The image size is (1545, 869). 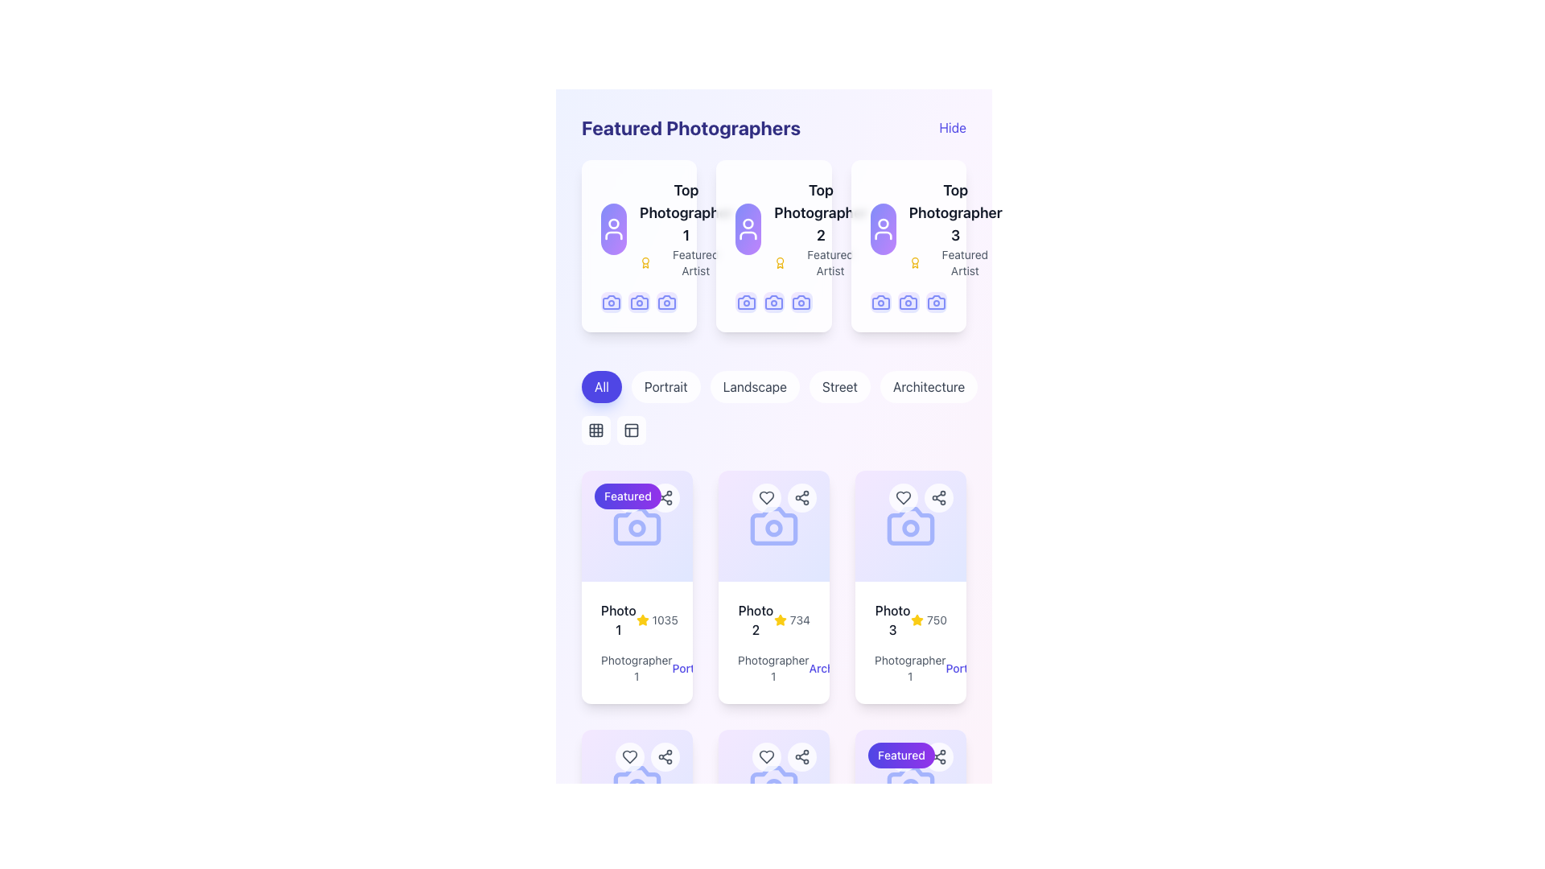 What do you see at coordinates (692, 669) in the screenshot?
I see `the non-interactive text label indicating the category 'Portrait' associated with 'Photographer 1', located to the right of the photographer's name on the first card in the second row of the grid layout` at bounding box center [692, 669].